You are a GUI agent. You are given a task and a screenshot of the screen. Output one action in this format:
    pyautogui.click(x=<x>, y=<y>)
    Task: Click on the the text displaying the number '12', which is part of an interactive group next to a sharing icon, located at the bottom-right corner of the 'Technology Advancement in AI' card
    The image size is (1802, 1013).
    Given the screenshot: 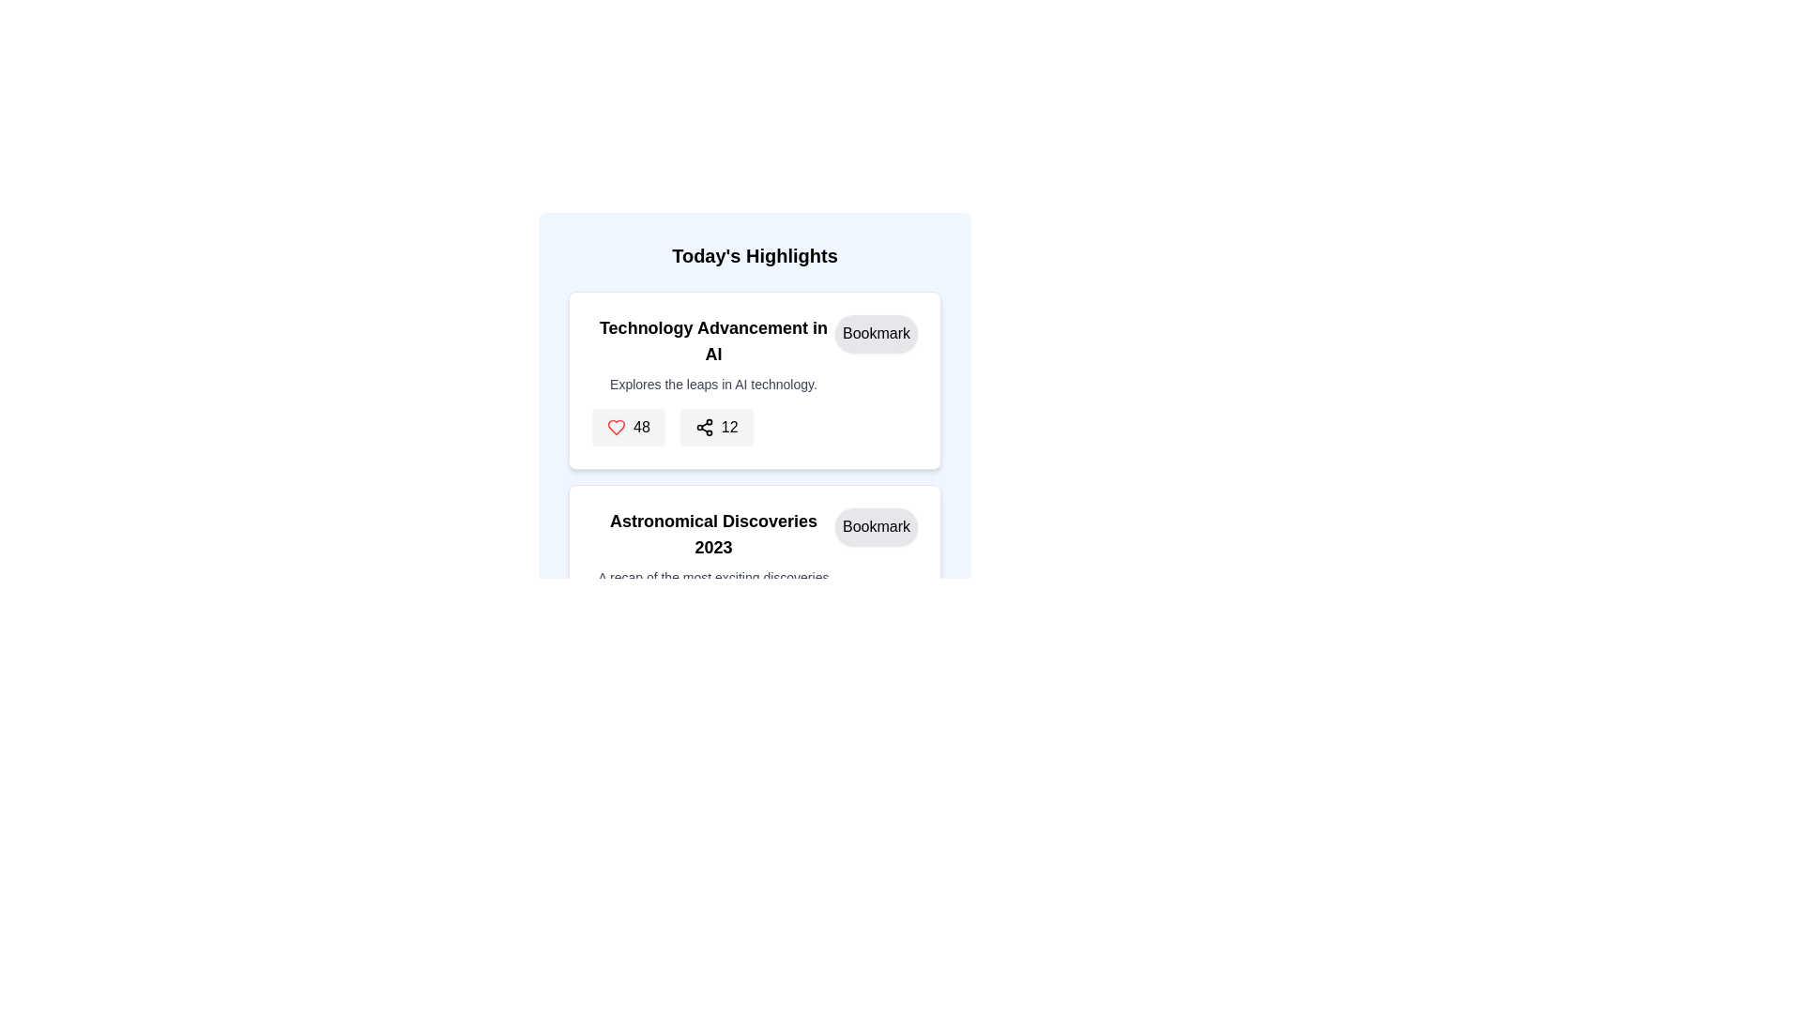 What is the action you would take?
    pyautogui.click(x=728, y=427)
    